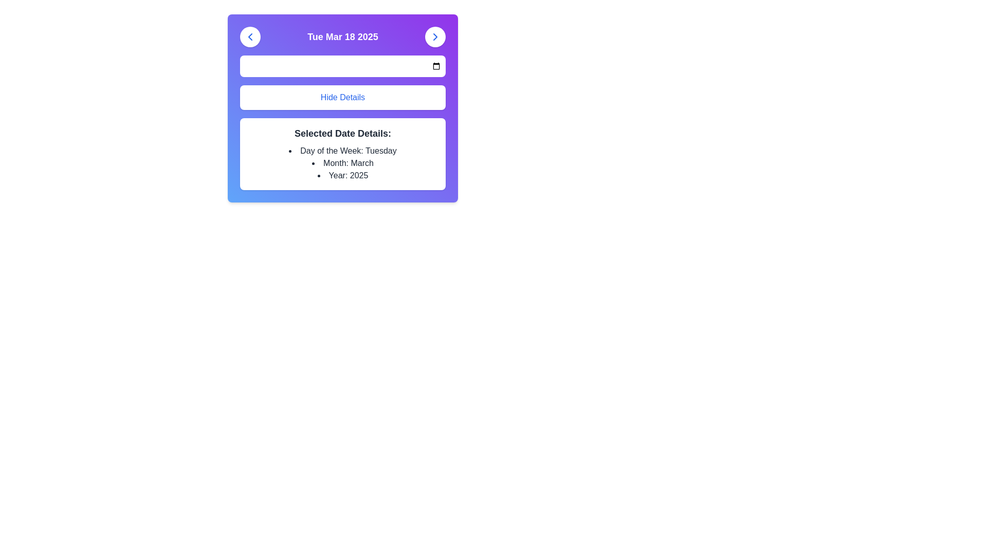 The height and width of the screenshot is (555, 987). I want to click on the static text item displaying 'Day of the Week: Tuesday' under the 'Selected Date Details' heading, which is the first bullet point in the list, so click(343, 151).